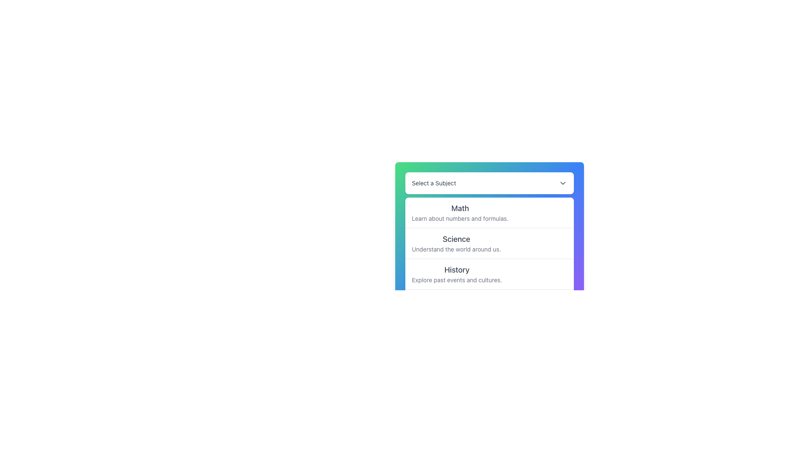  I want to click on text label displaying 'Learn about numbers and formulas.' located directly below the 'Math' title, so click(460, 218).